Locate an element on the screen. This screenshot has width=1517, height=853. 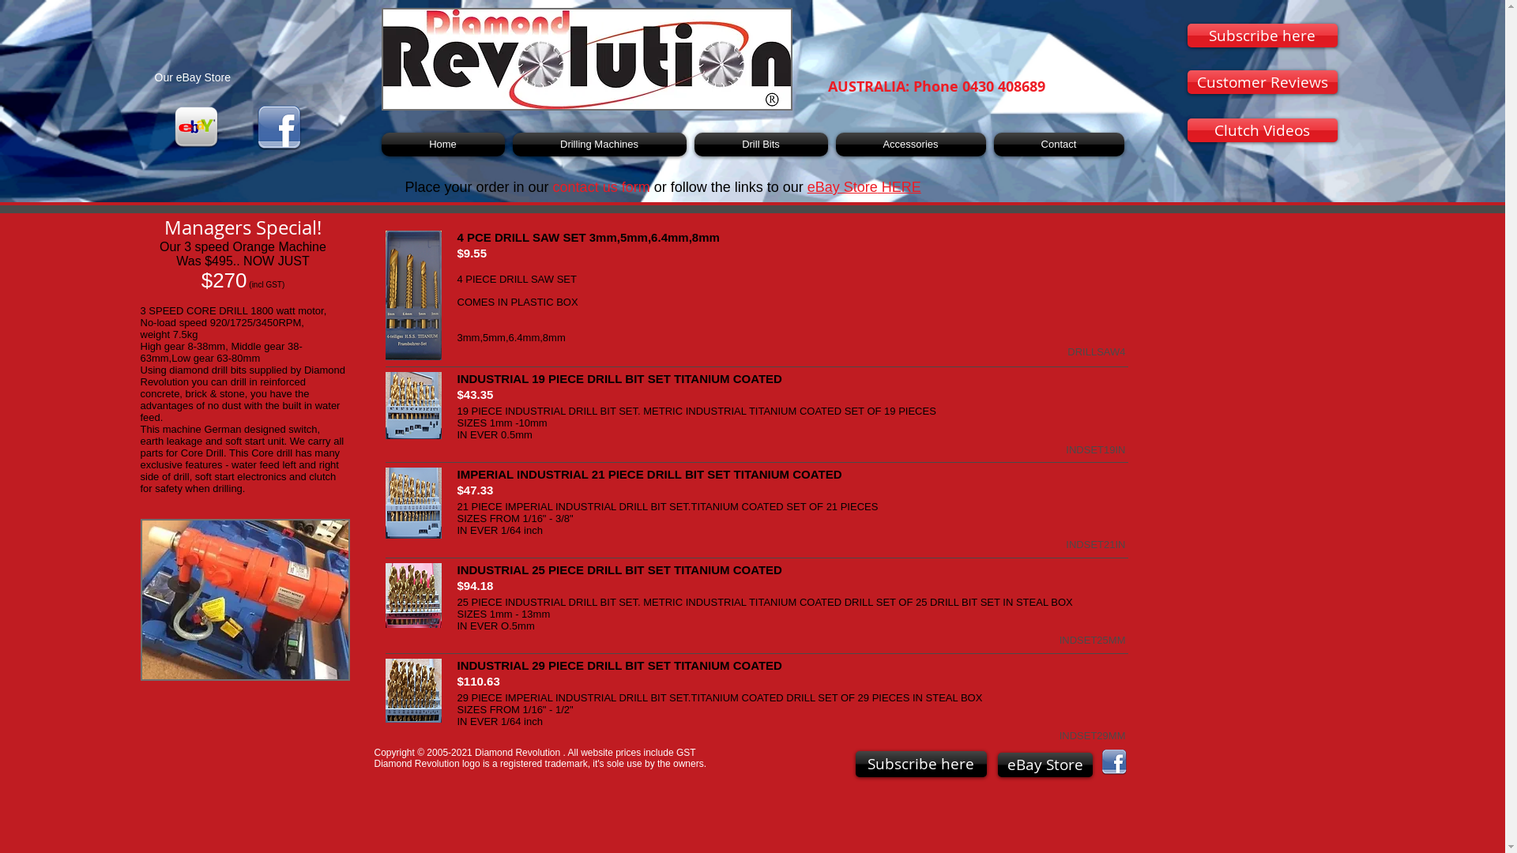
'Drilling Machines' is located at coordinates (598, 144).